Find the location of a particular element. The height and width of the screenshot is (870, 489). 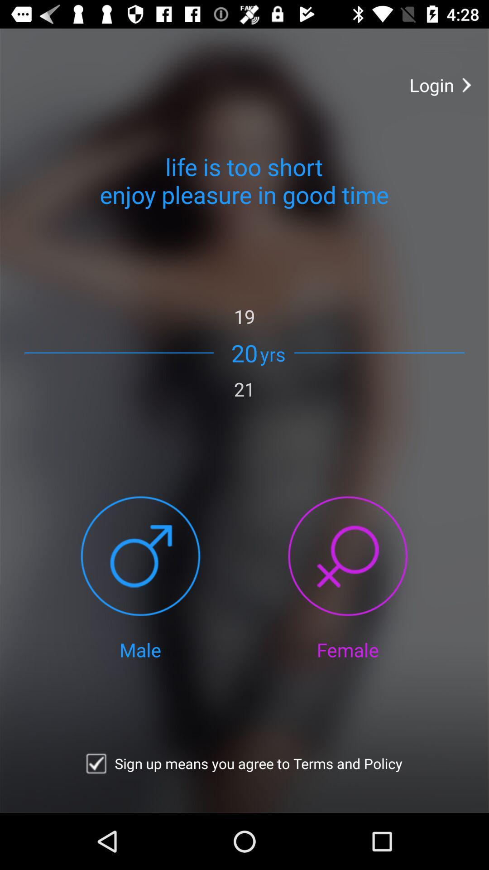

confirm is located at coordinates (96, 763).